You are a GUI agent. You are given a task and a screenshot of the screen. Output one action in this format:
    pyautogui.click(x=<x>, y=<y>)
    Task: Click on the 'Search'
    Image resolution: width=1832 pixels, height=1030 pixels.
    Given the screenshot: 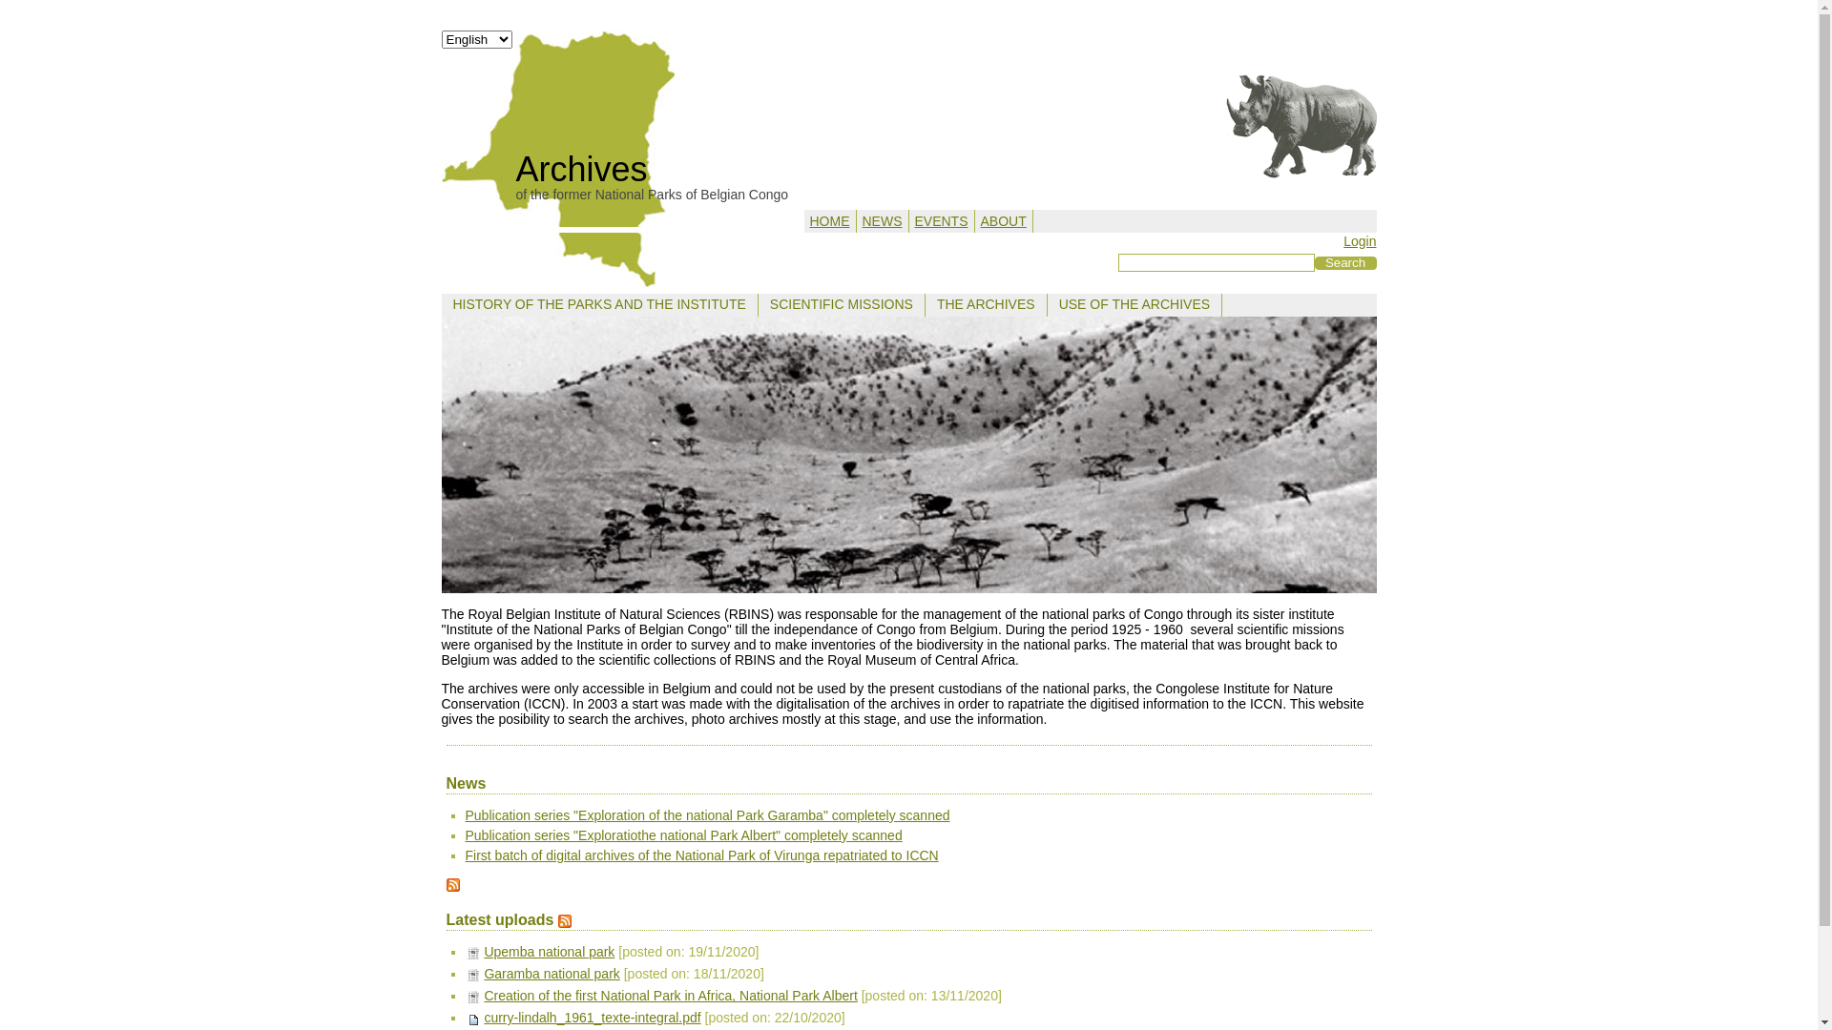 What is the action you would take?
    pyautogui.click(x=1344, y=263)
    